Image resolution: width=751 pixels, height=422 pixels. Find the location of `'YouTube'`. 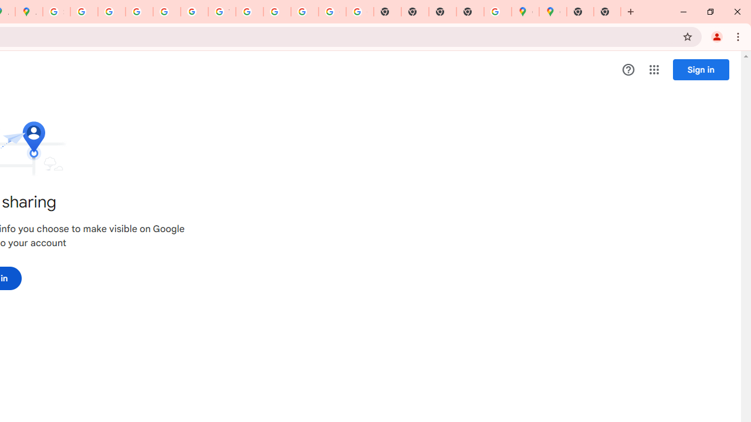

'YouTube' is located at coordinates (222, 12).